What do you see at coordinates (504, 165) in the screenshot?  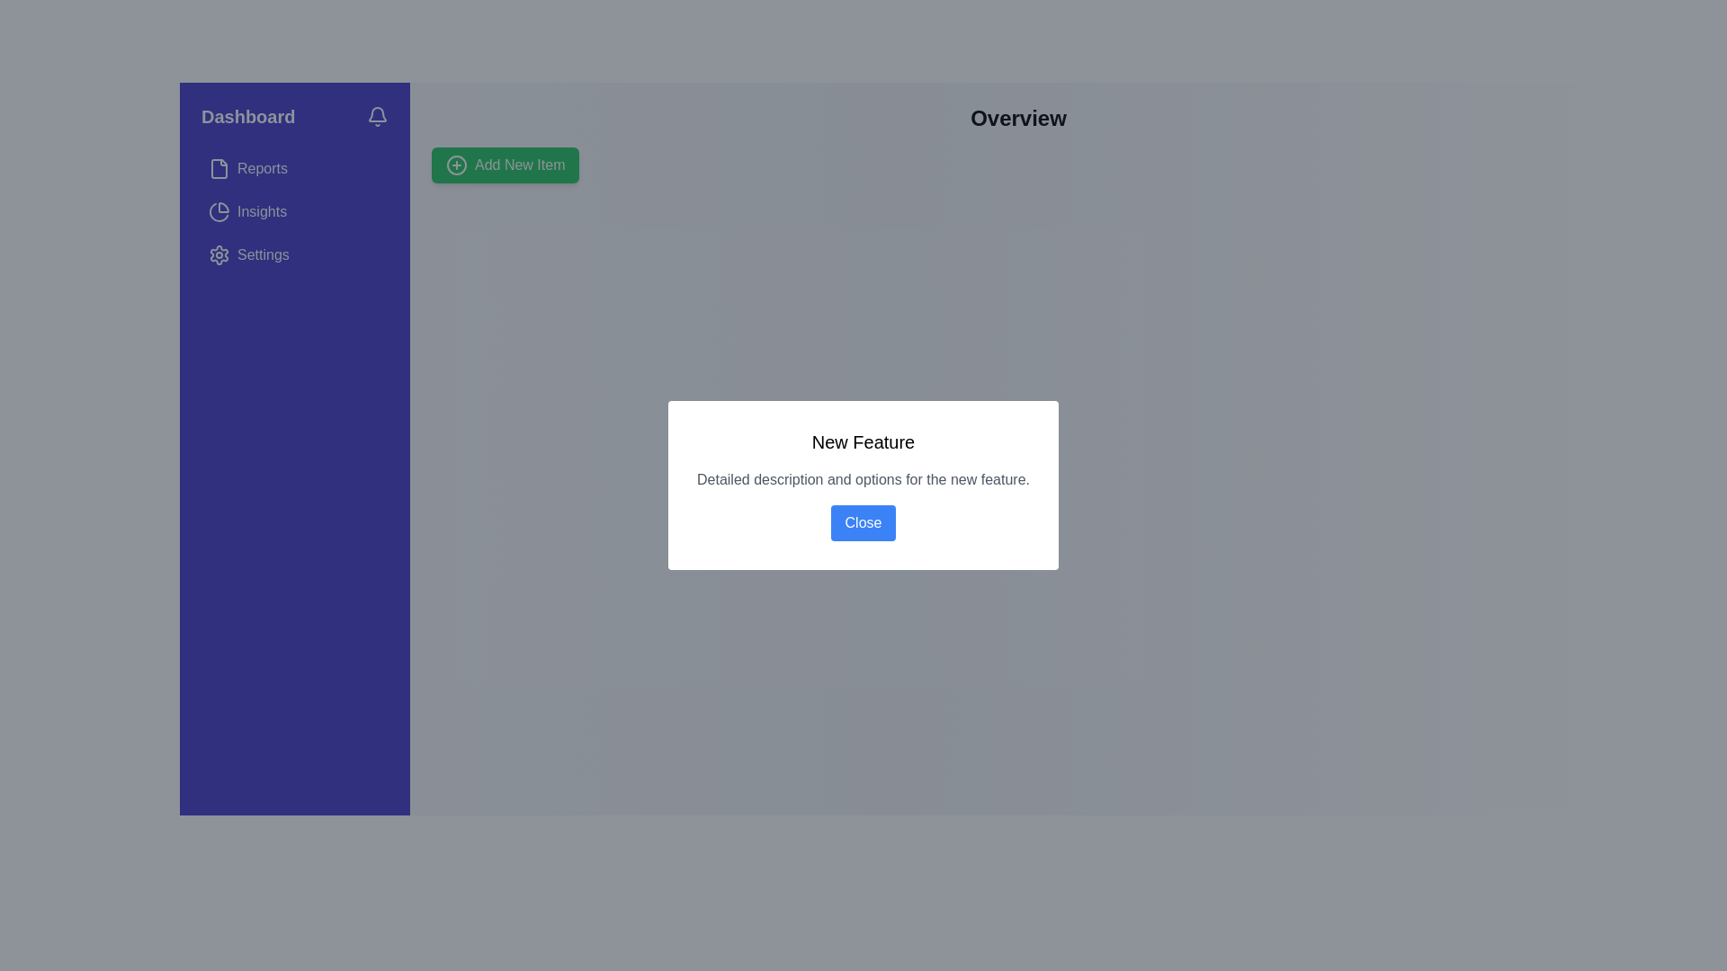 I see `the 'Add New Item' button with a green background and '+' icon` at bounding box center [504, 165].